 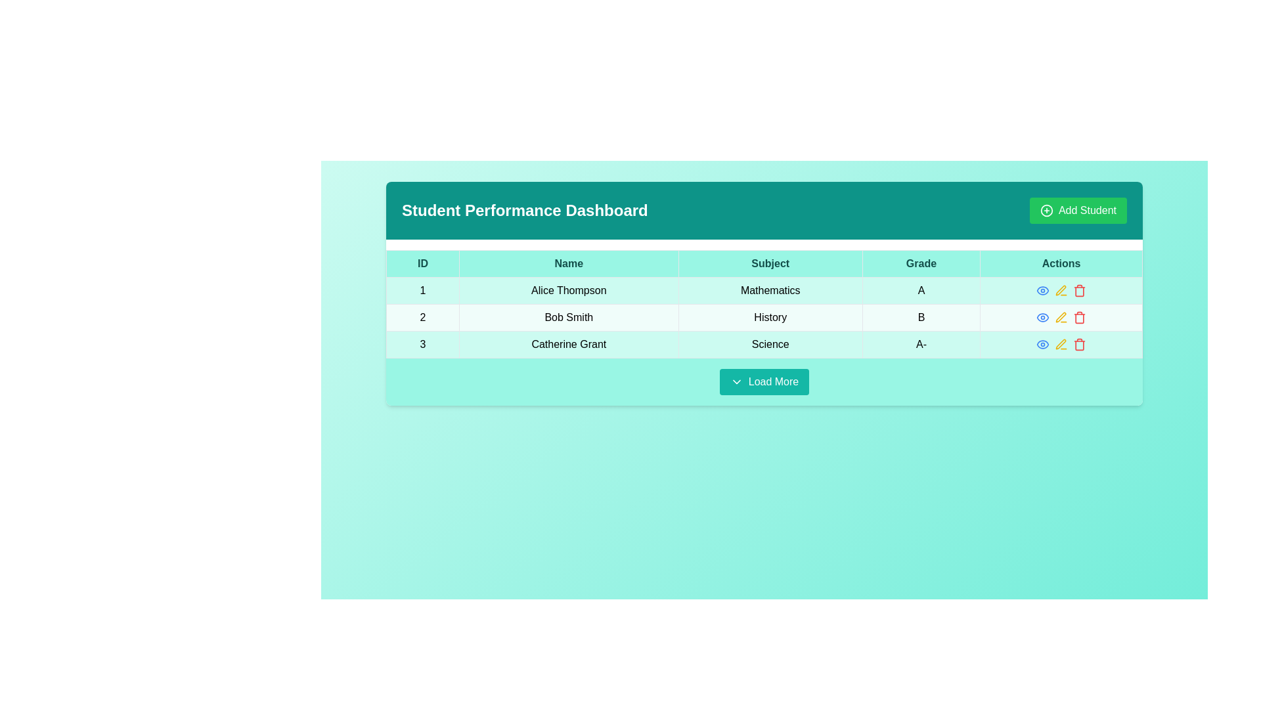 What do you see at coordinates (770, 317) in the screenshot?
I see `the static text label displaying 'History'` at bounding box center [770, 317].